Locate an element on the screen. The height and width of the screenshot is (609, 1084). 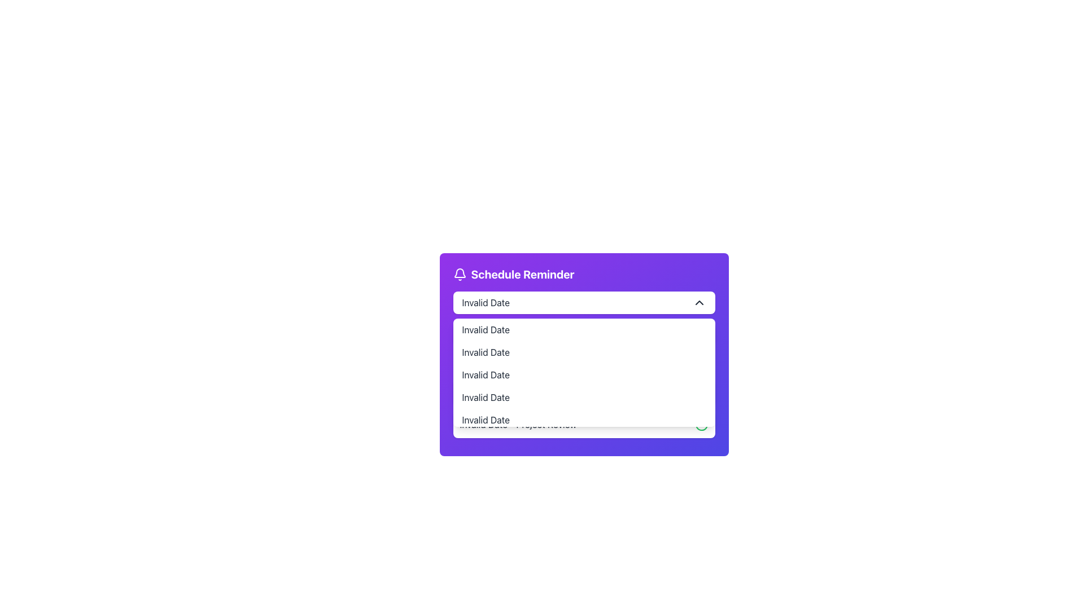
the chevron up icon located on the far right within the 'Invalid Date' text input field is located at coordinates (698, 302).